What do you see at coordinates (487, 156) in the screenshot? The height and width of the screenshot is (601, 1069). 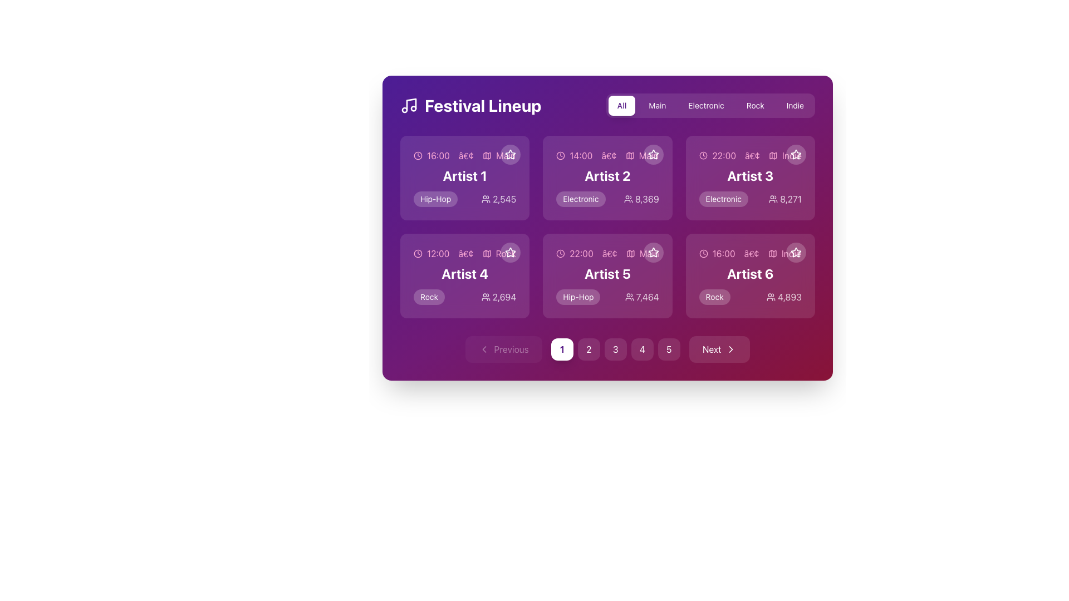 I see `small graphical icon resembling a folded map located near the 'Artist 1' card in the top-right corner of the utility icons cluster` at bounding box center [487, 156].